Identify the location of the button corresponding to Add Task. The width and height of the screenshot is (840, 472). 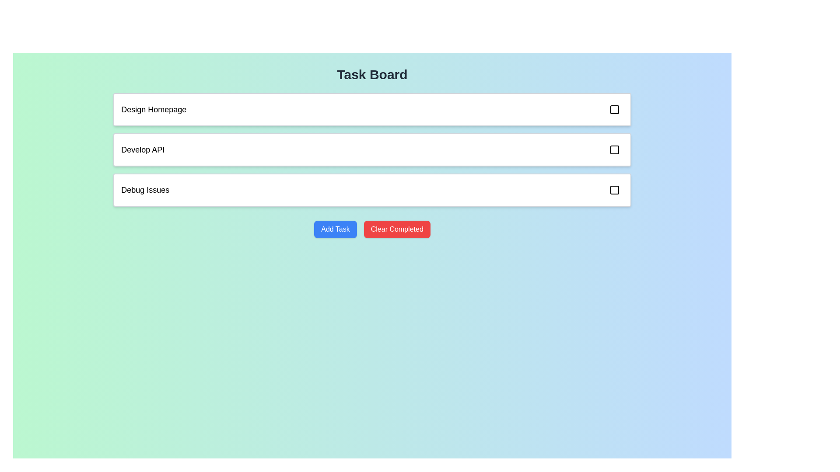
(335, 229).